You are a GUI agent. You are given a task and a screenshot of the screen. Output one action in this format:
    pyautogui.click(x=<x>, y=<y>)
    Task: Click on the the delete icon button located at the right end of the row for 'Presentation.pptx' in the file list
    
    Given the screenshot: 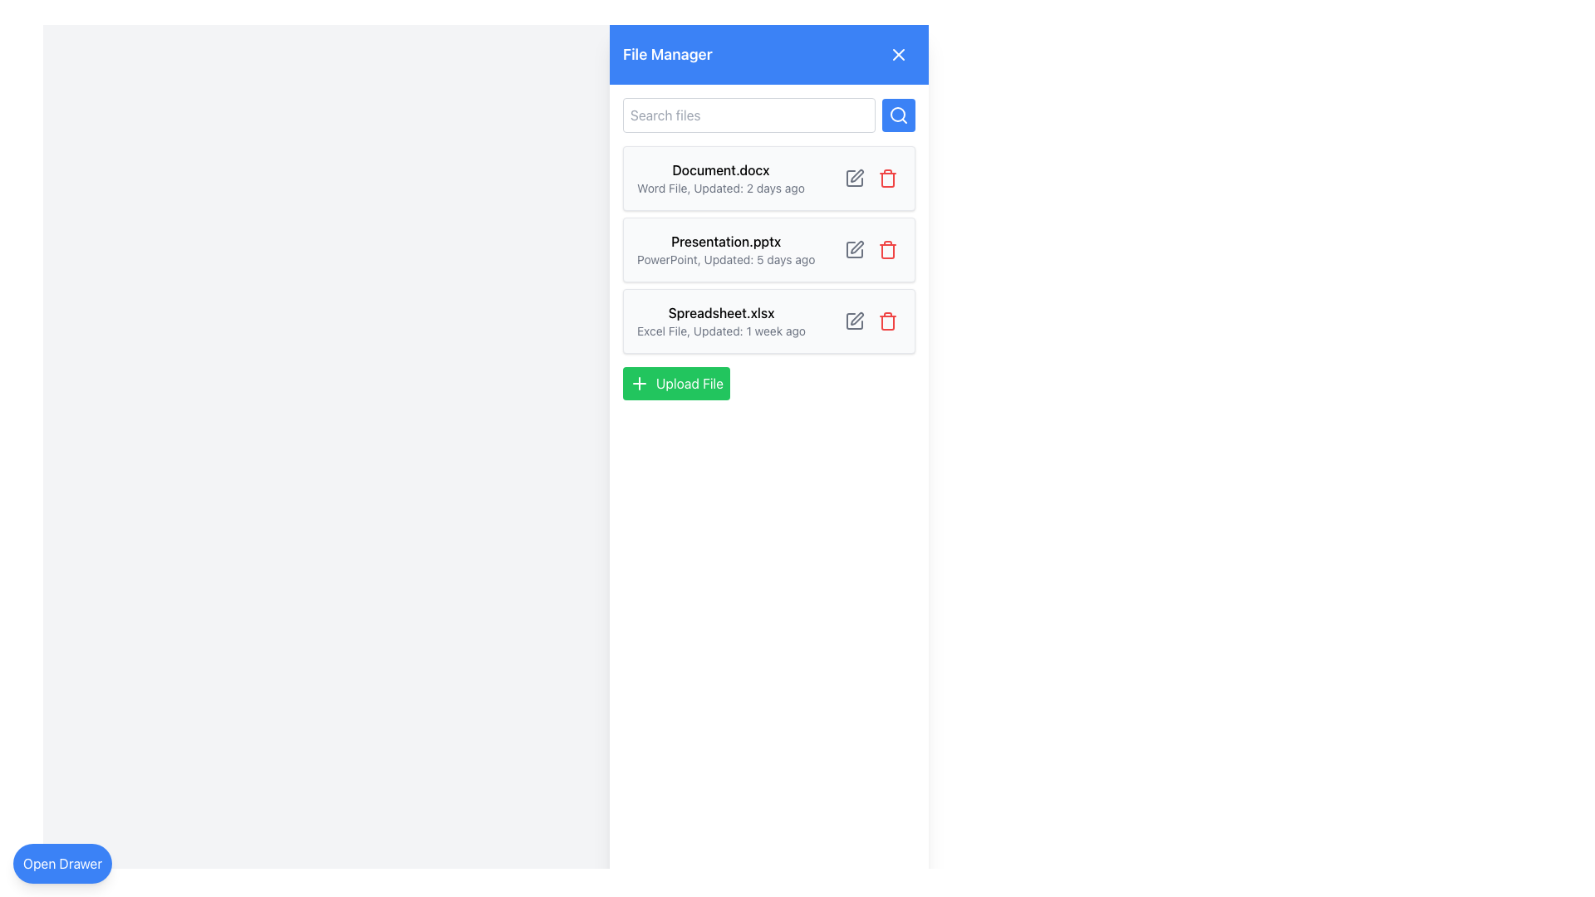 What is the action you would take?
    pyautogui.click(x=887, y=249)
    